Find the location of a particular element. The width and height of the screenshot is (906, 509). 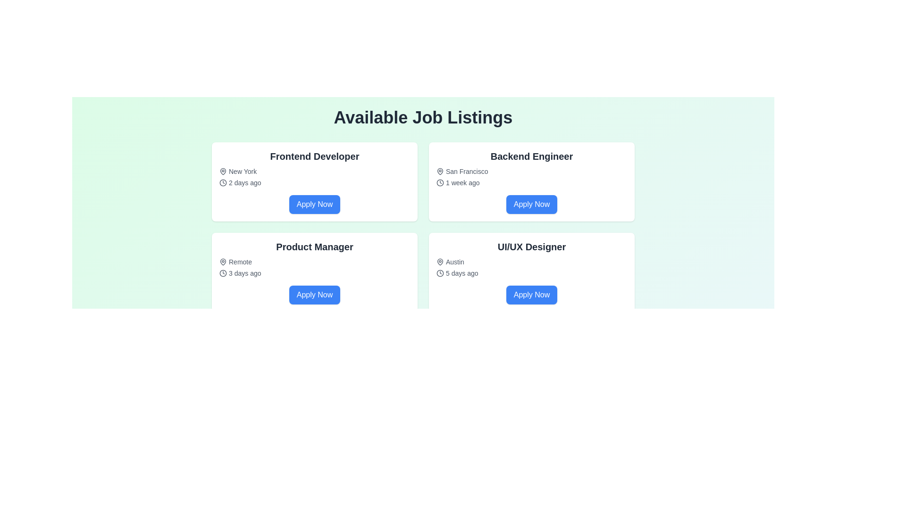

the time-related icon located to the left of the '3 days ago' text in the 'Product Manager' job listing is located at coordinates (223, 273).